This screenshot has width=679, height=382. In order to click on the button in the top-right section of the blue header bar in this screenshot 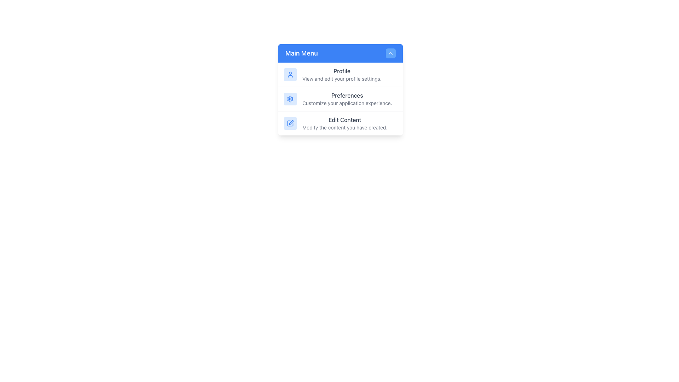, I will do `click(390, 53)`.